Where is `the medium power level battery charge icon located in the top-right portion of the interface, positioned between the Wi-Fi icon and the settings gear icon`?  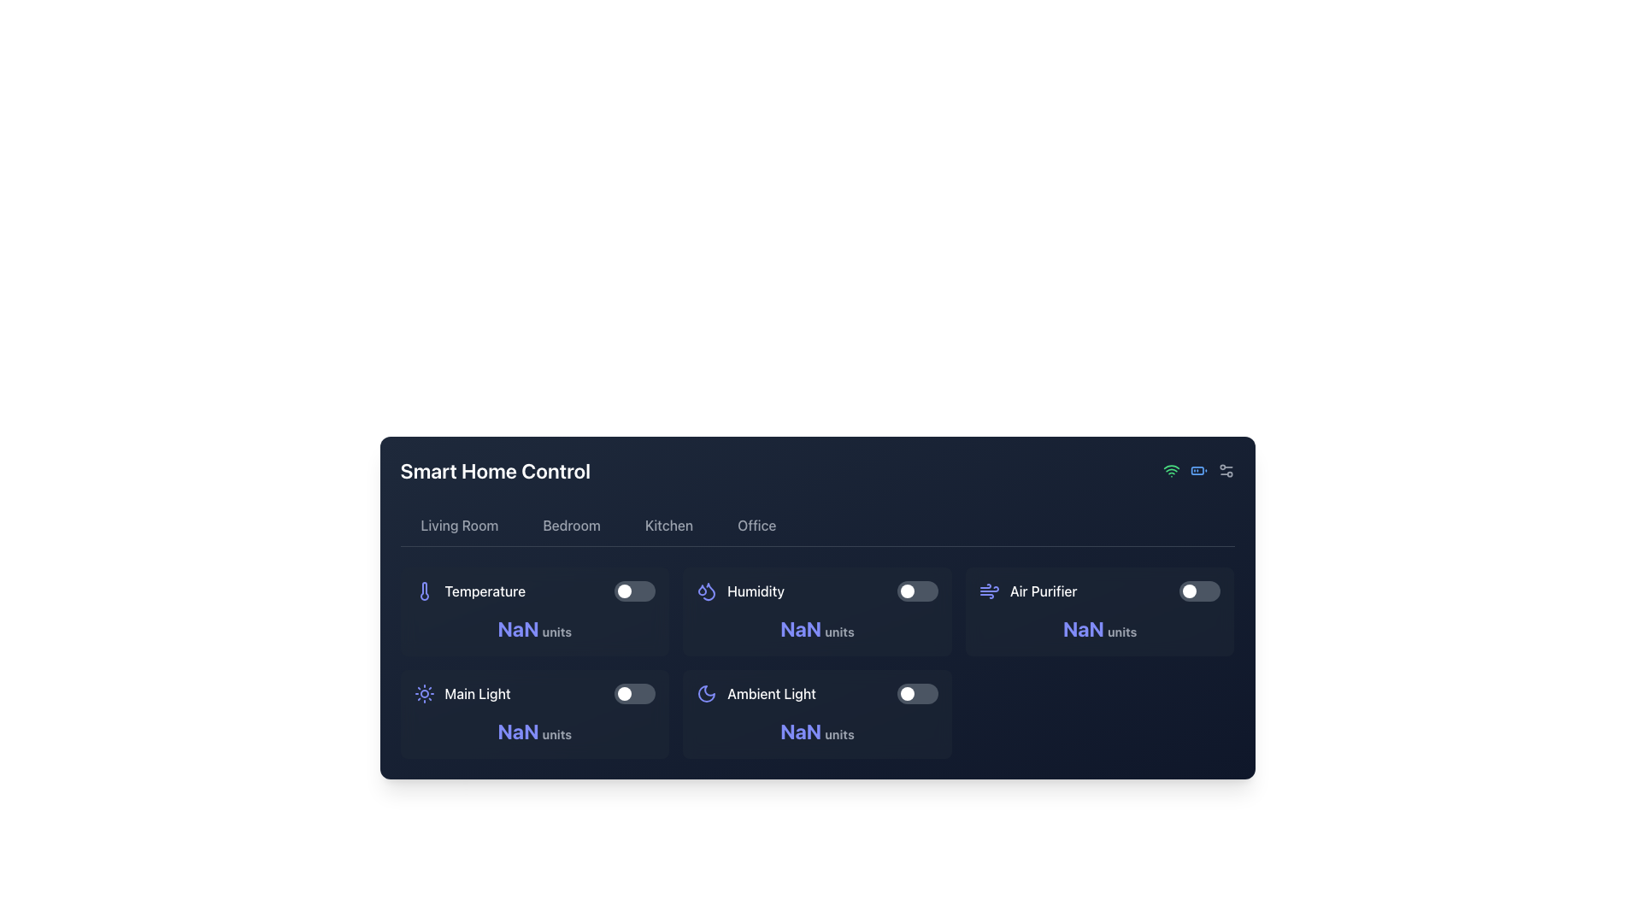 the medium power level battery charge icon located in the top-right portion of the interface, positioned between the Wi-Fi icon and the settings gear icon is located at coordinates (1197, 471).